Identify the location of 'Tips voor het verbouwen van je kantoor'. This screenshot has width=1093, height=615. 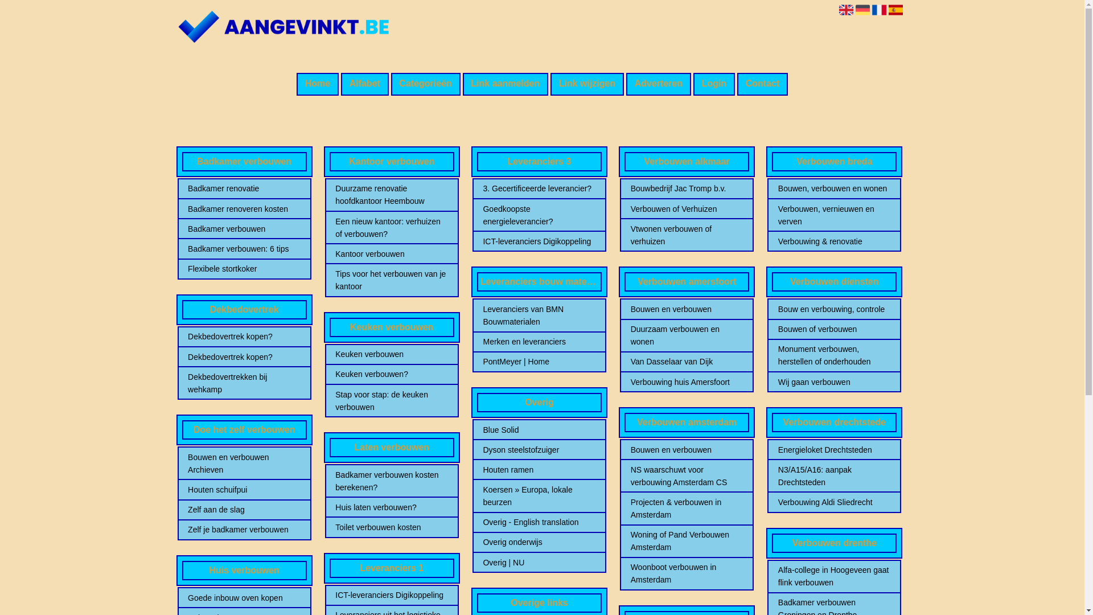
(391, 280).